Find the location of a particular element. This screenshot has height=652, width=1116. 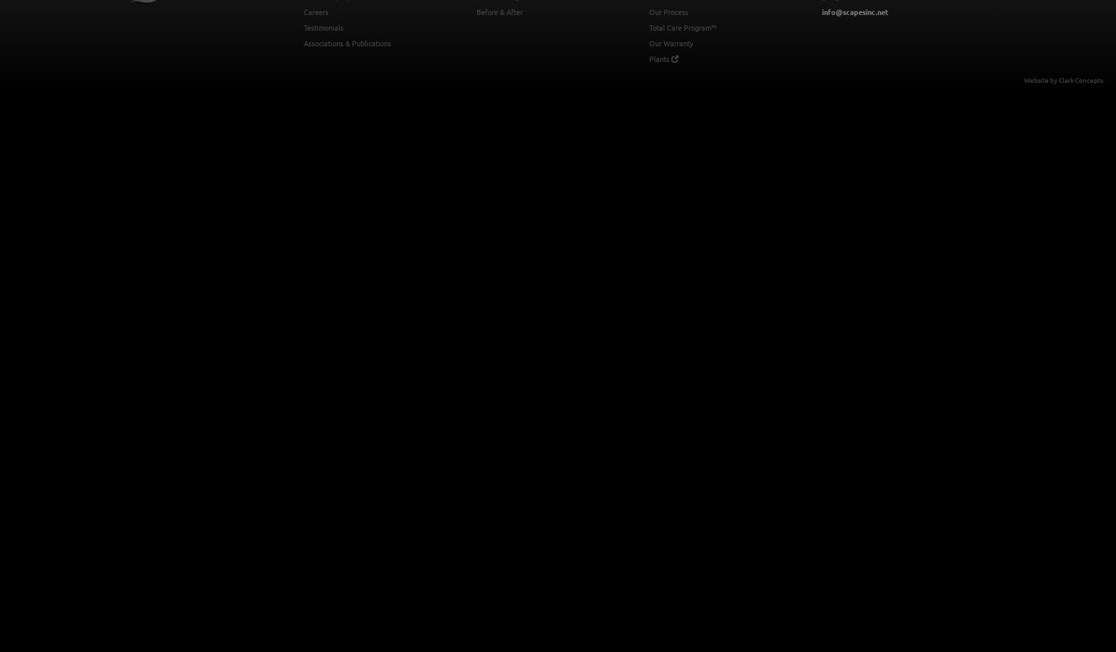

'Associations & Publications' is located at coordinates (303, 42).